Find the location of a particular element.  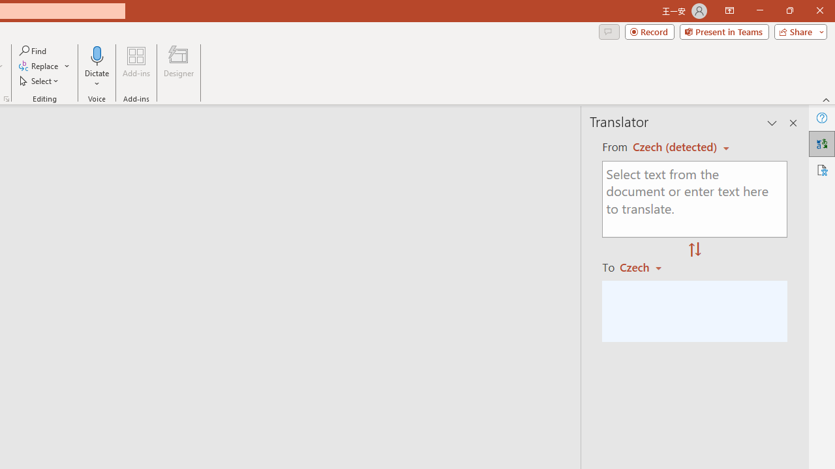

'Replace...' is located at coordinates (39, 66).